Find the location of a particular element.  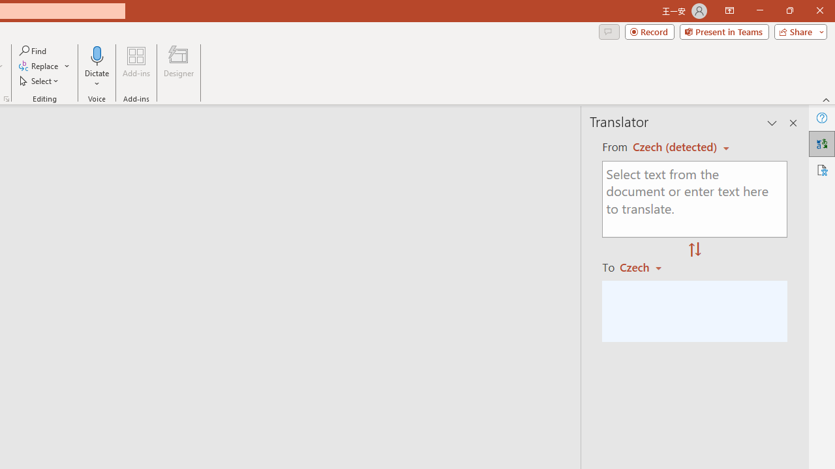

'Replace...' is located at coordinates (39, 66).